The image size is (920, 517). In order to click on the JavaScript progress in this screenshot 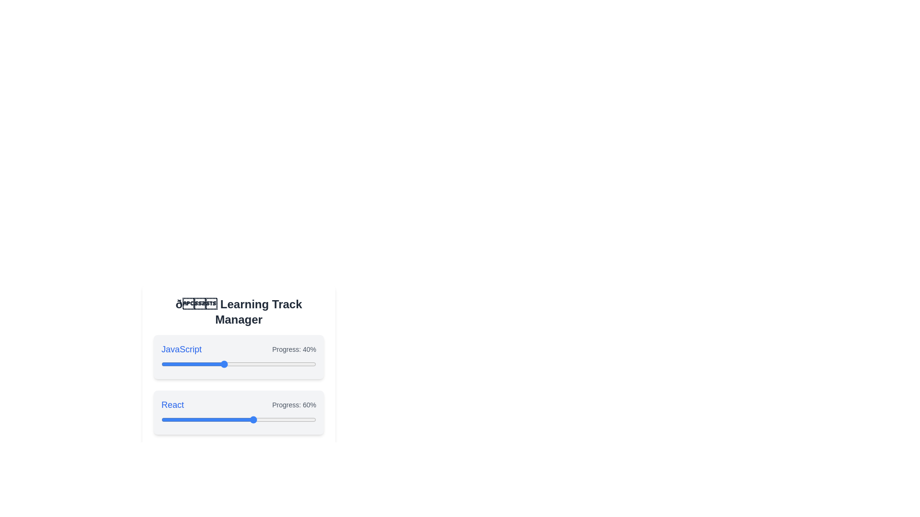, I will do `click(265, 364)`.